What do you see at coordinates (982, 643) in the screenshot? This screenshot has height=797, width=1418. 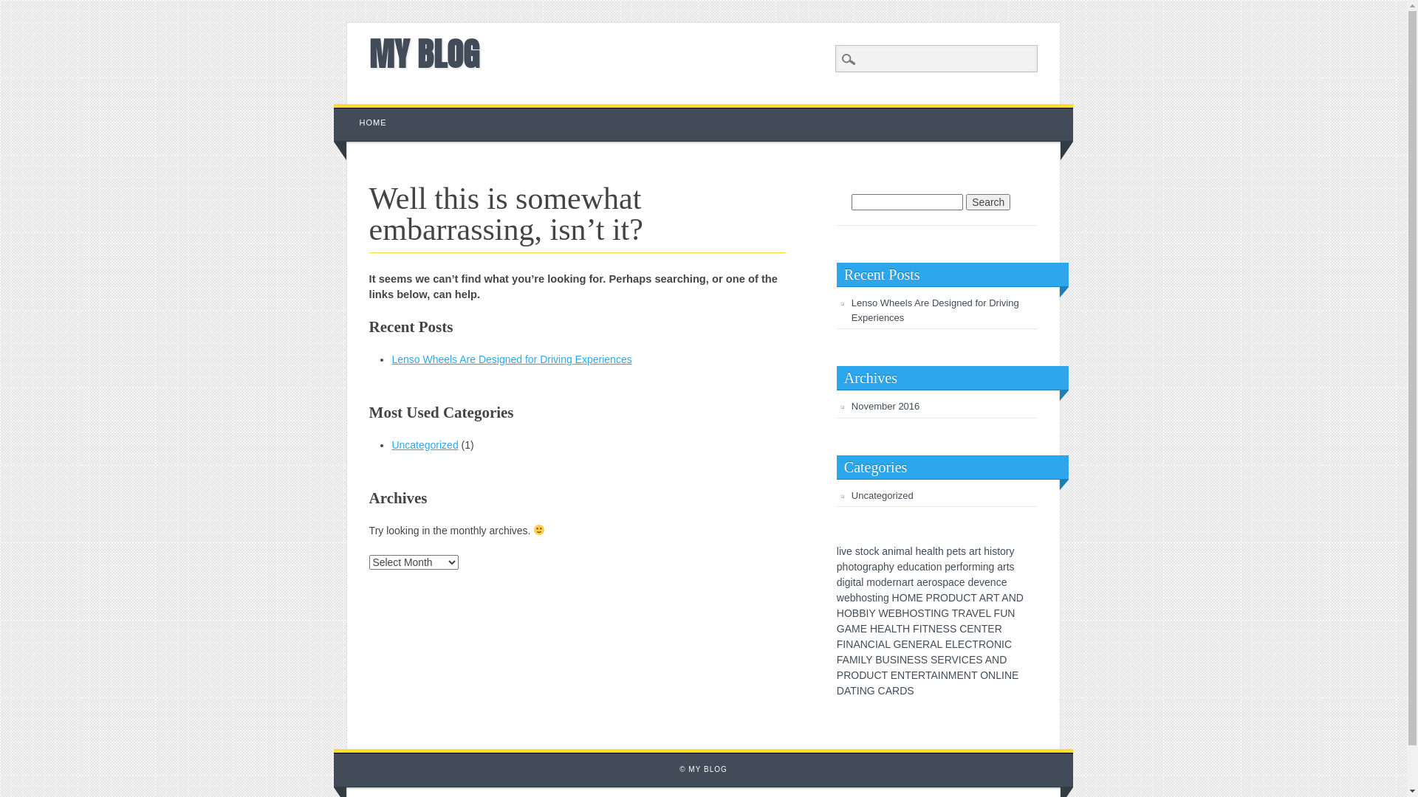 I see `'R'` at bounding box center [982, 643].